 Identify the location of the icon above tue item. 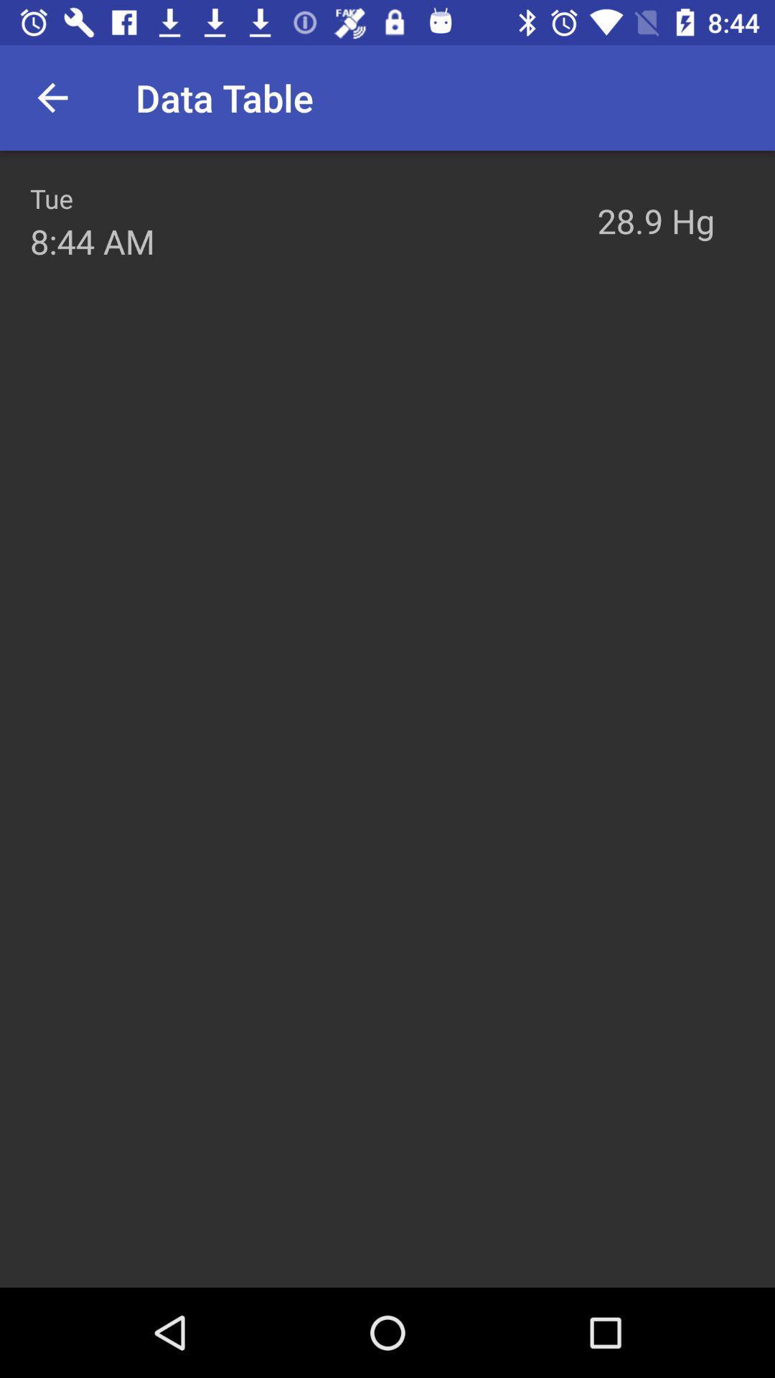
(52, 97).